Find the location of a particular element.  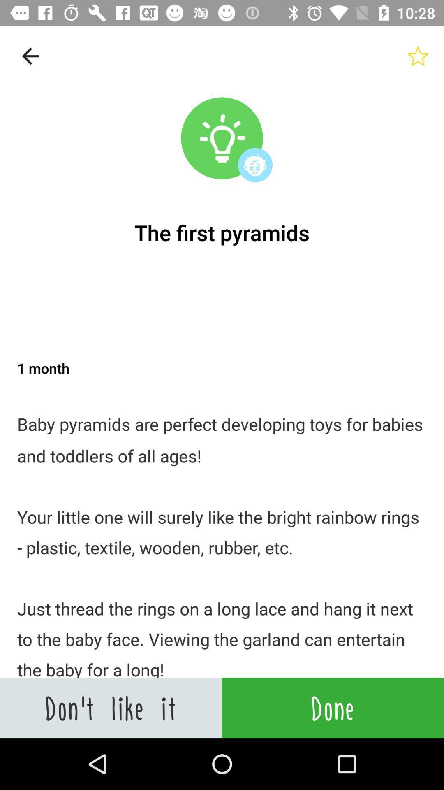

the icon next to the done icon is located at coordinates (111, 707).